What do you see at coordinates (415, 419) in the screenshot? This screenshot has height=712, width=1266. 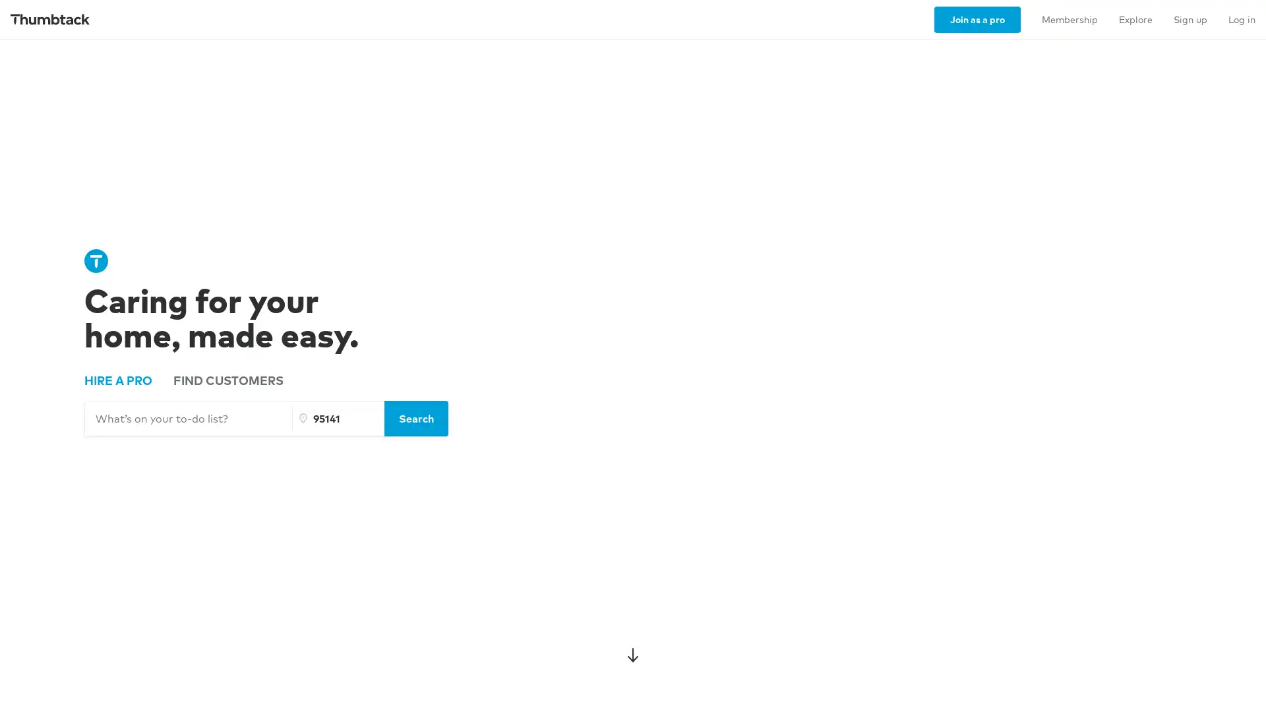 I see `Search` at bounding box center [415, 419].